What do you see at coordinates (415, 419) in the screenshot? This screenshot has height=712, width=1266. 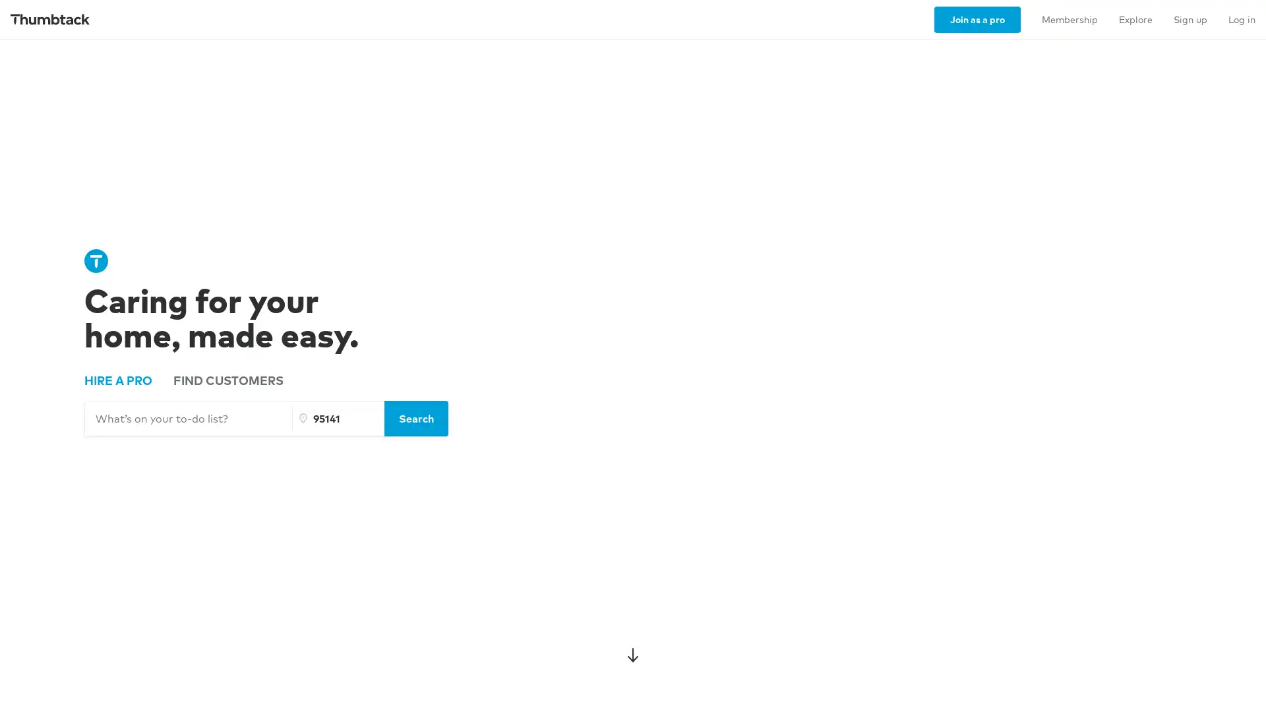 I see `Search` at bounding box center [415, 419].